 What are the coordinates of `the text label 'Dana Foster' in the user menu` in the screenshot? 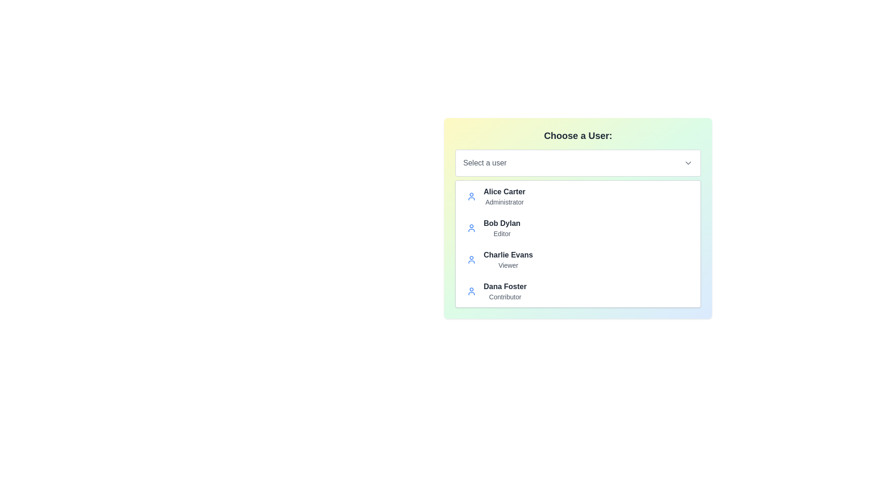 It's located at (505, 286).